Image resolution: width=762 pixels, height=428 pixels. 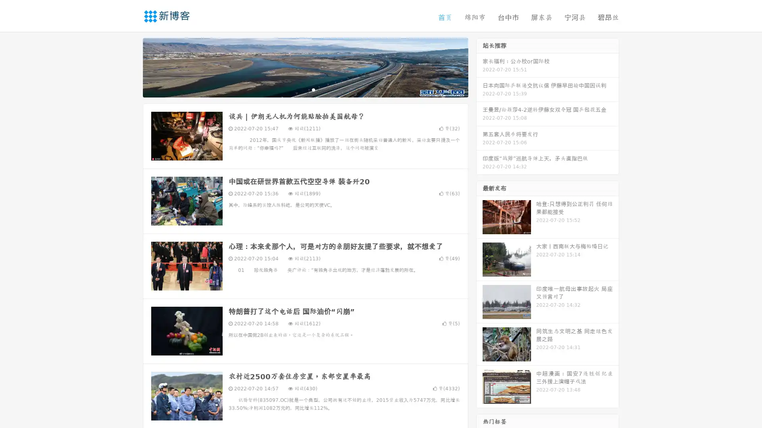 What do you see at coordinates (479, 67) in the screenshot?
I see `Next slide` at bounding box center [479, 67].